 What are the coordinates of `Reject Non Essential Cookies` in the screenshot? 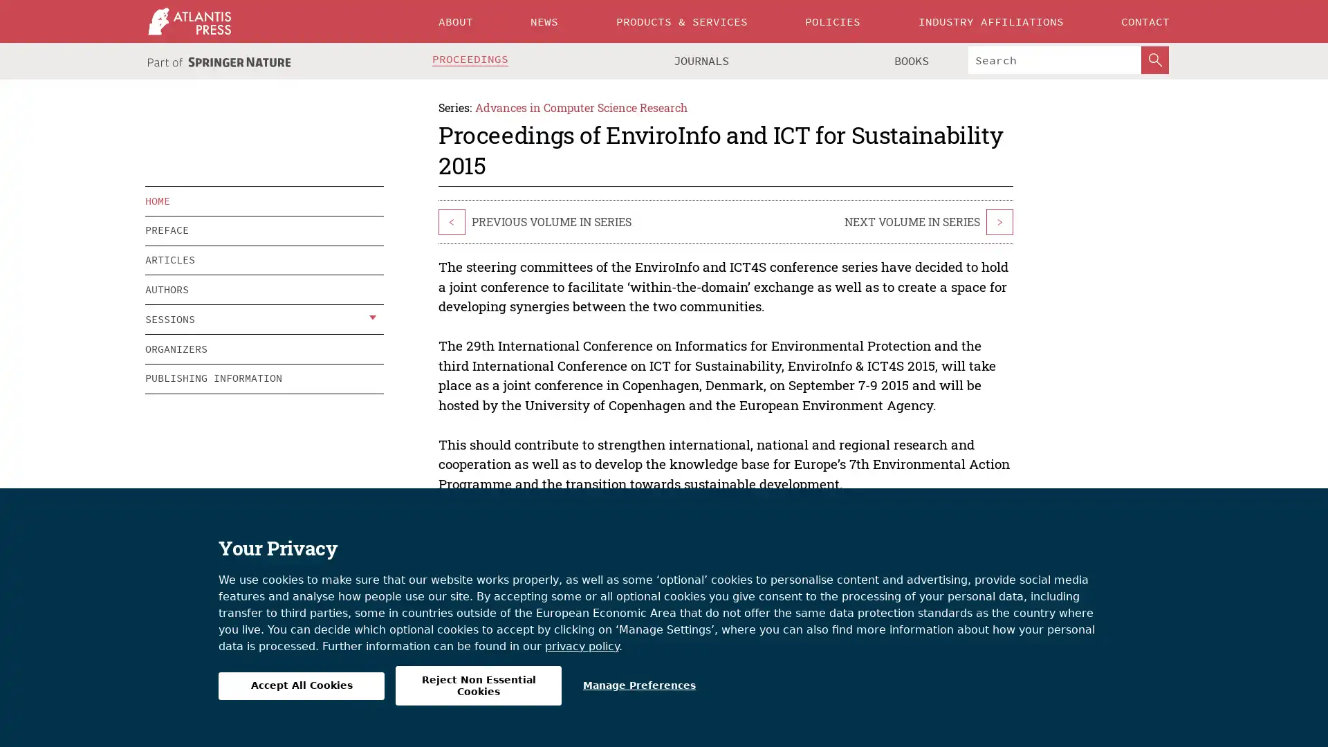 It's located at (478, 685).